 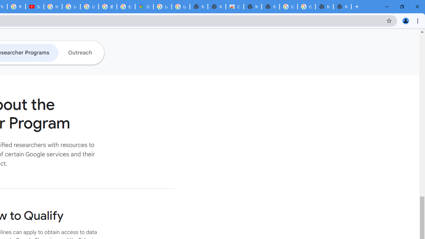 I want to click on 'Outreach', so click(x=80, y=52).